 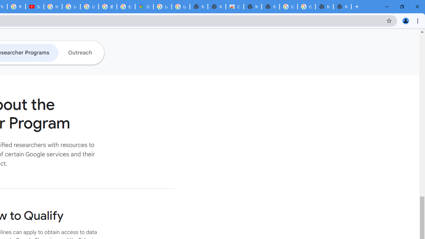 I want to click on 'Outreach', so click(x=80, y=52).